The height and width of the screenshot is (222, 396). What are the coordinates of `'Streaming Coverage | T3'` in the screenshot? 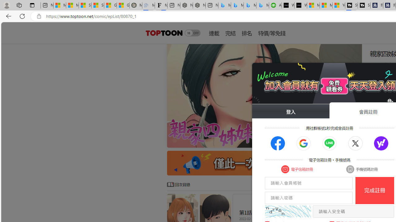 It's located at (351, 5).